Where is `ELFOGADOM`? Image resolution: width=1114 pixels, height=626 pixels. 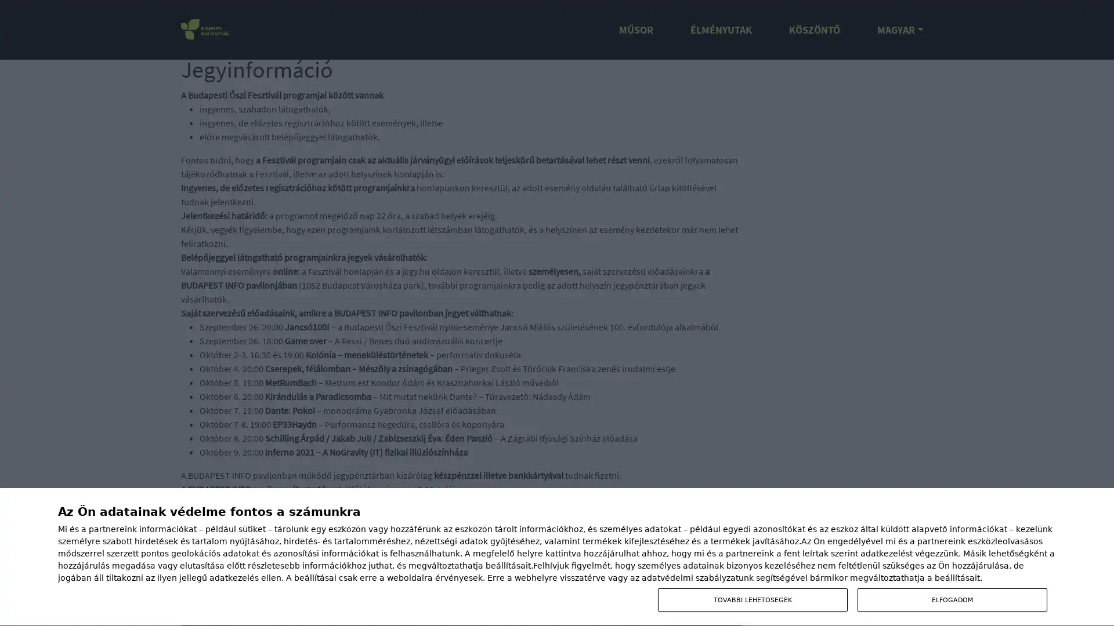 ELFOGADOM is located at coordinates (952, 599).